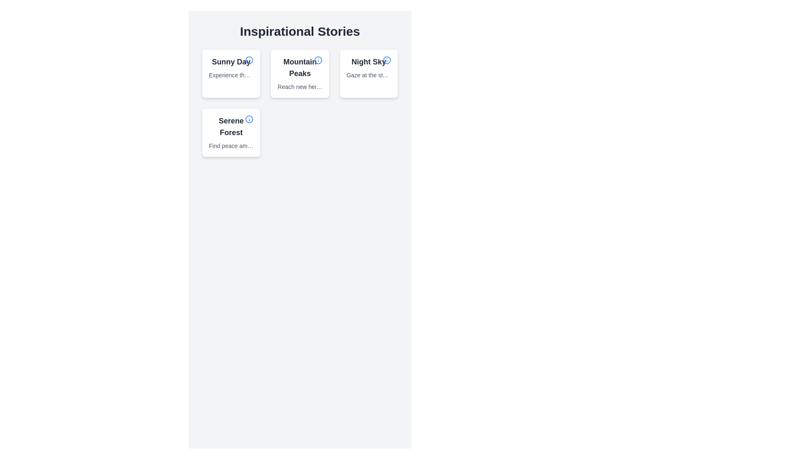 The height and width of the screenshot is (449, 799). I want to click on descriptive text located directly below the bold header 'Sunny Day' in the upper-left card of the grid layout titled 'Inspirational Stories', so click(231, 75).